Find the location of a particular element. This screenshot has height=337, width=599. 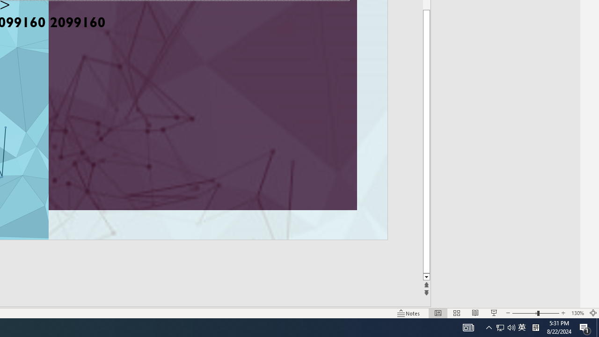

'Notes ' is located at coordinates (409, 313).